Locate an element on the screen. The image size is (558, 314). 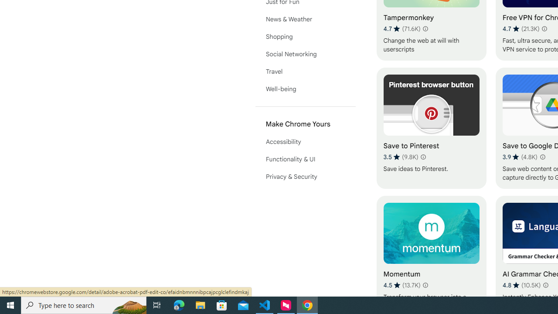
'Learn more about results and reviews "Momentum"' is located at coordinates (425, 285).